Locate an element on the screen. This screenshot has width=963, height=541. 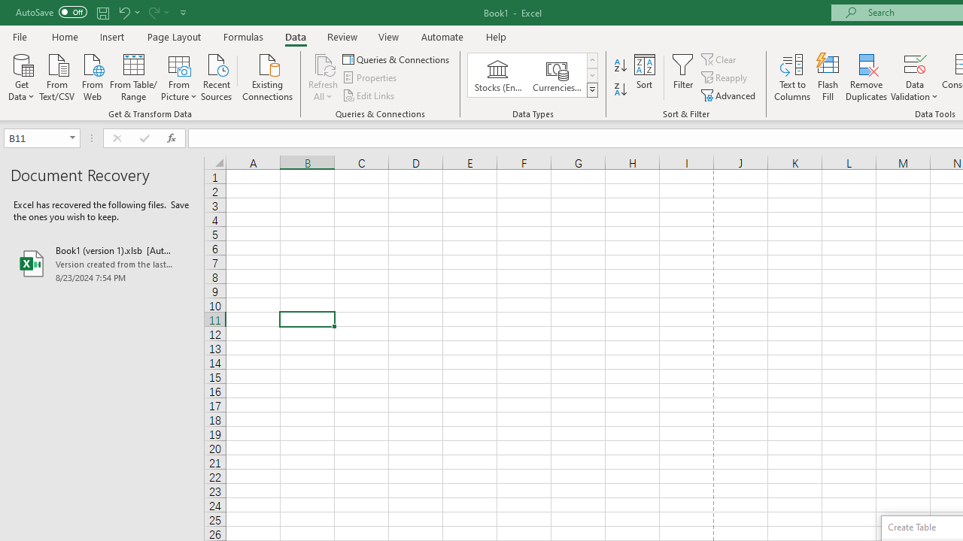
'Row Down' is located at coordinates (591, 75).